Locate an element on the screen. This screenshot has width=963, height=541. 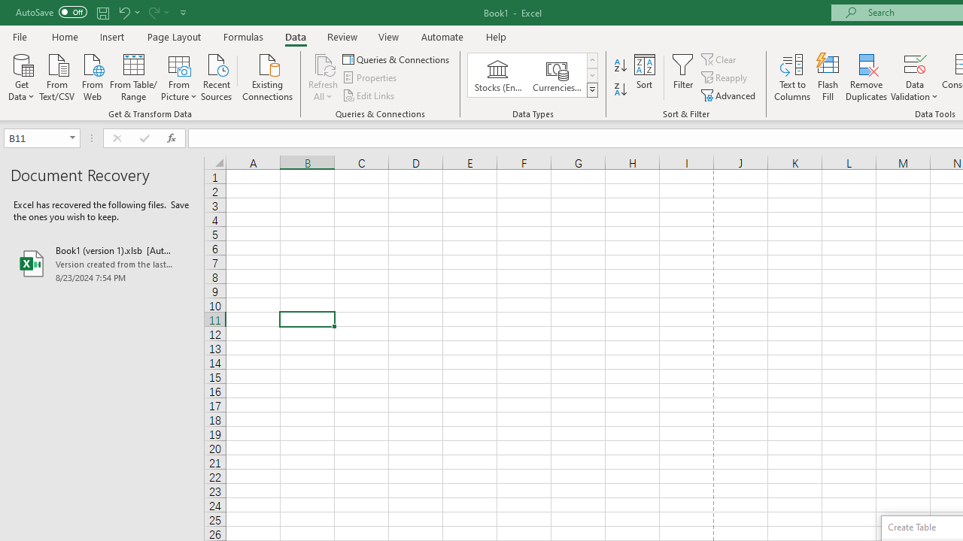
'Row Down' is located at coordinates (591, 75).